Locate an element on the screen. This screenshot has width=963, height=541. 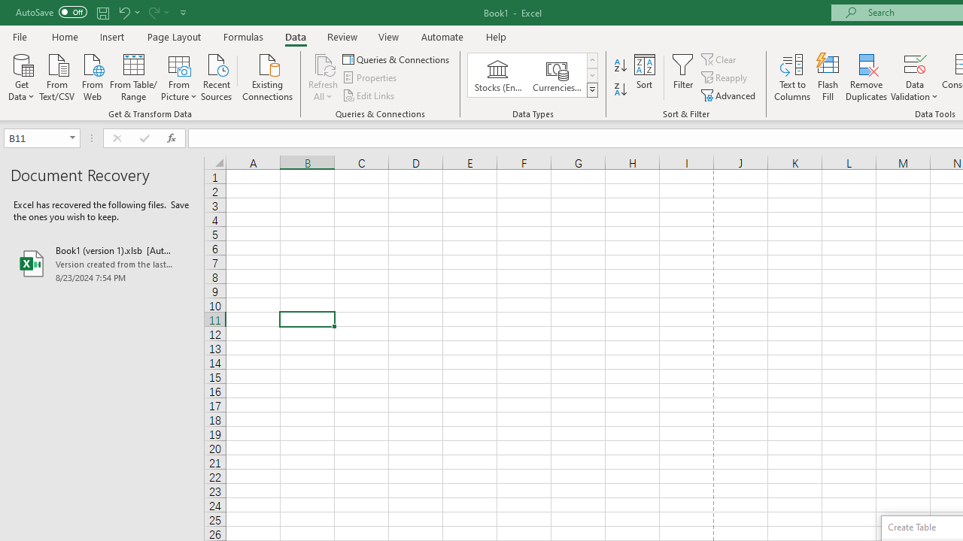
'Row Down' is located at coordinates (591, 75).